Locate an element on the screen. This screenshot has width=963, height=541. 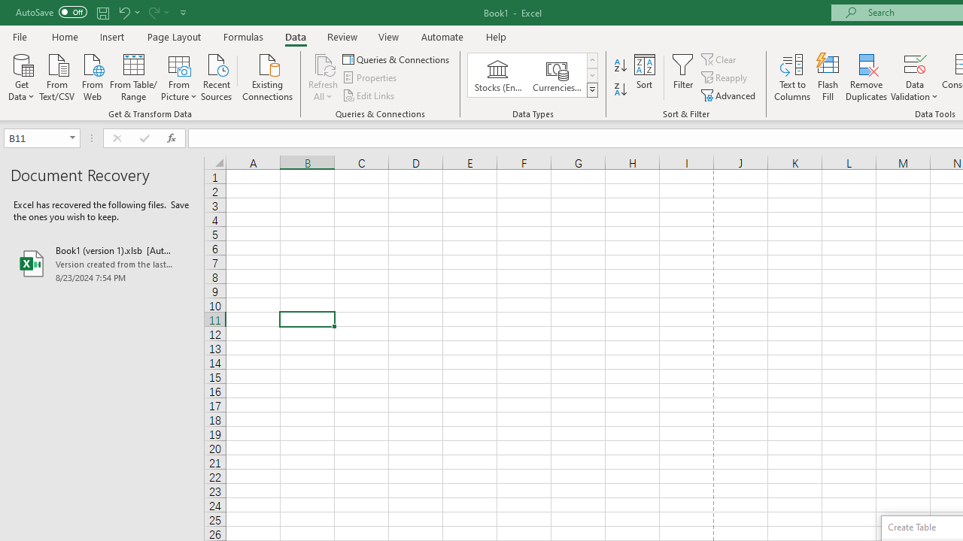
'Row Down' is located at coordinates (591, 75).